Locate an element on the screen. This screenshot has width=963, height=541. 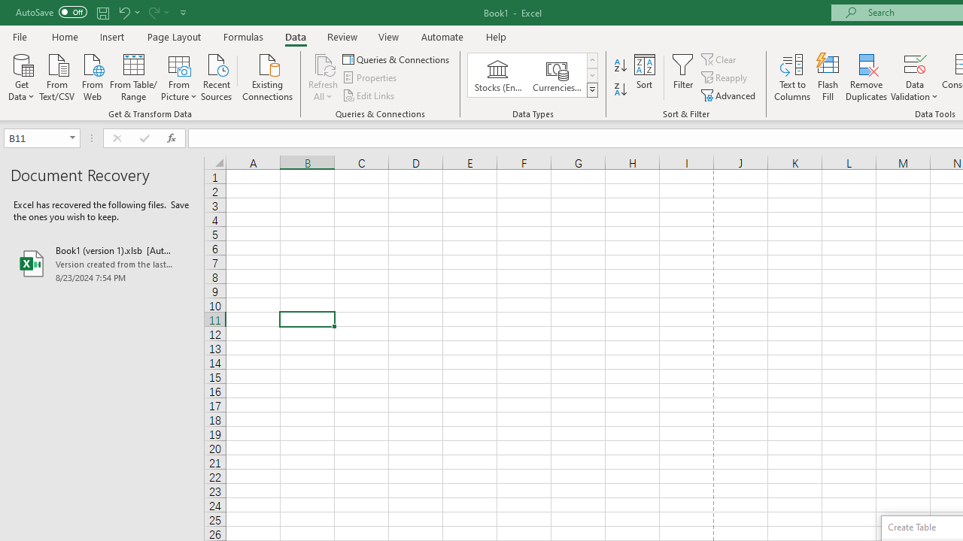
'Row Down' is located at coordinates (591, 75).